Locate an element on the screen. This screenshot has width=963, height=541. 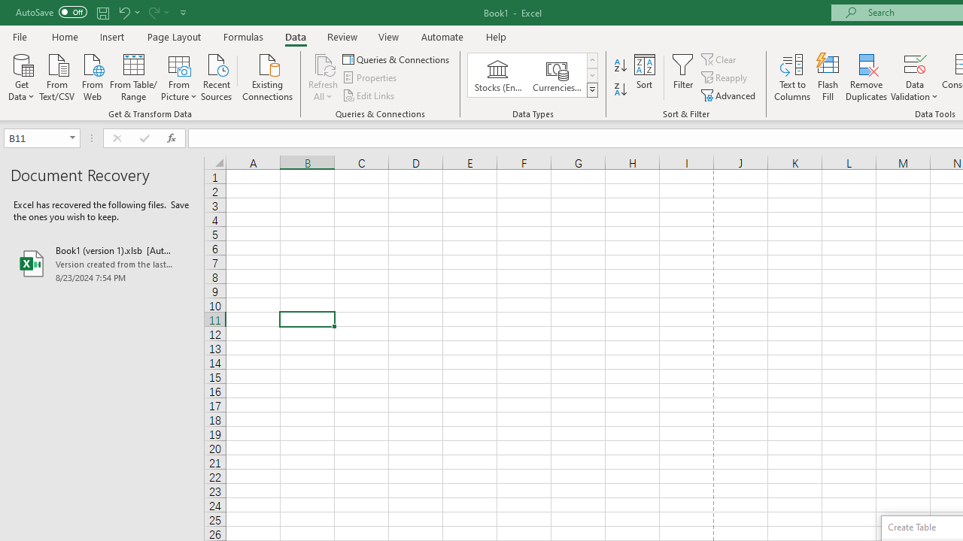
'Row Down' is located at coordinates (591, 75).